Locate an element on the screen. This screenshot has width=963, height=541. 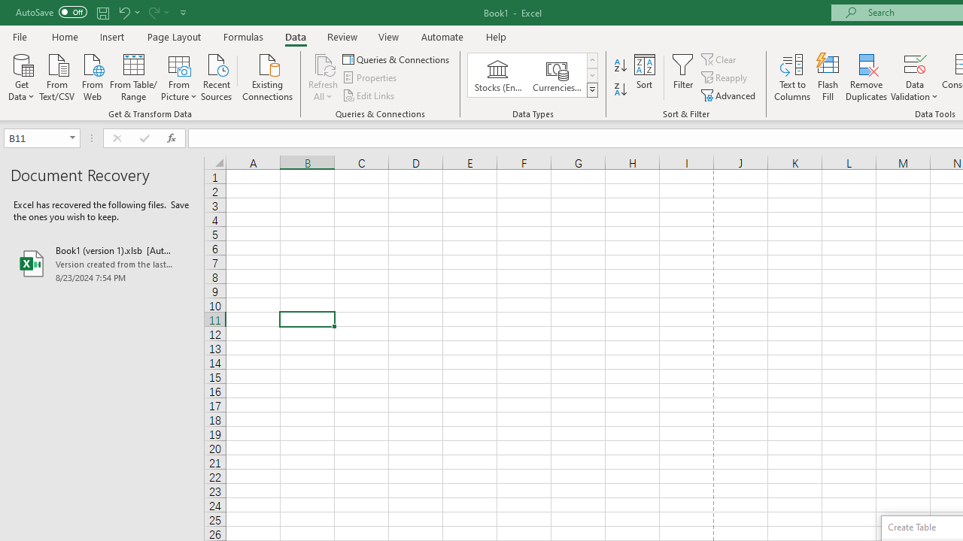
'Row Down' is located at coordinates (591, 75).